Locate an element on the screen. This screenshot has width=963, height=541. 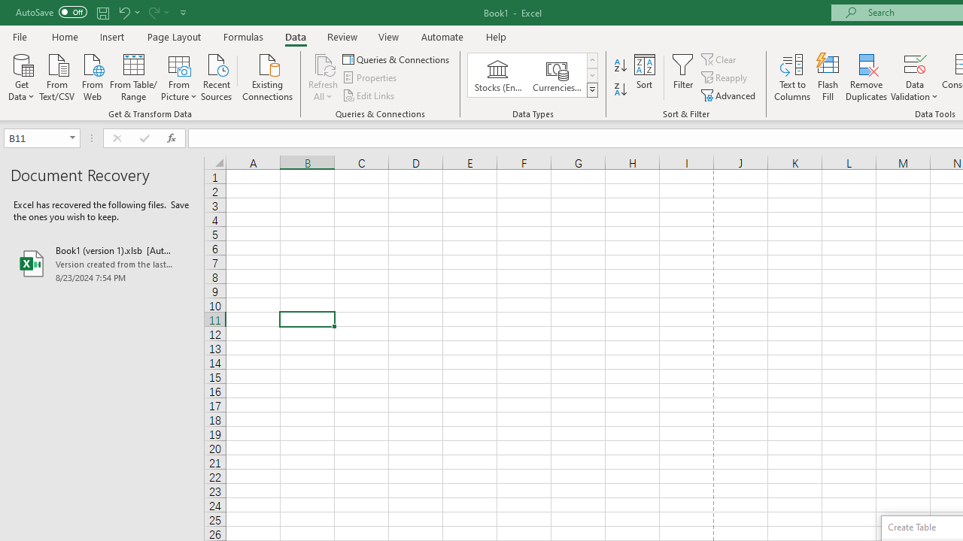
'Row Down' is located at coordinates (591, 75).